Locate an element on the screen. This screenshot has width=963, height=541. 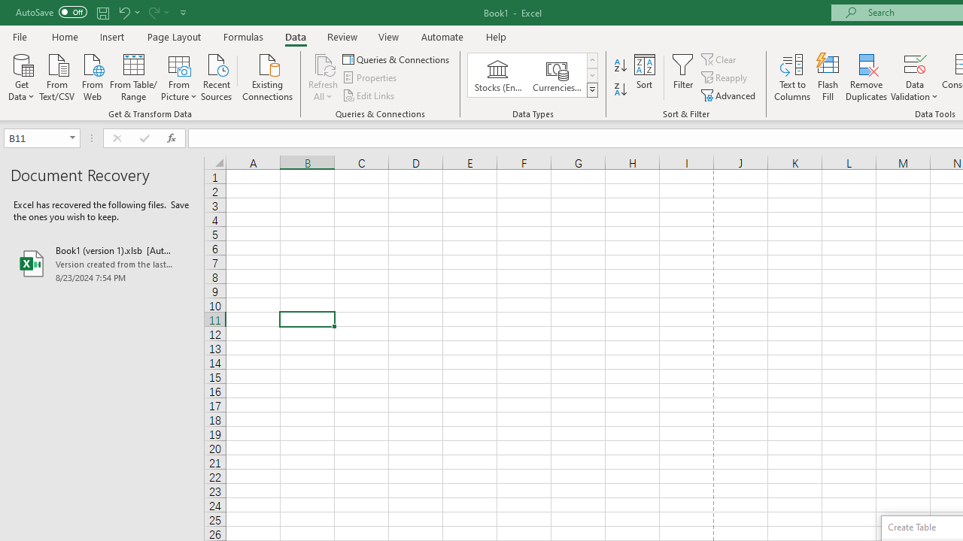
'Row Down' is located at coordinates (591, 75).